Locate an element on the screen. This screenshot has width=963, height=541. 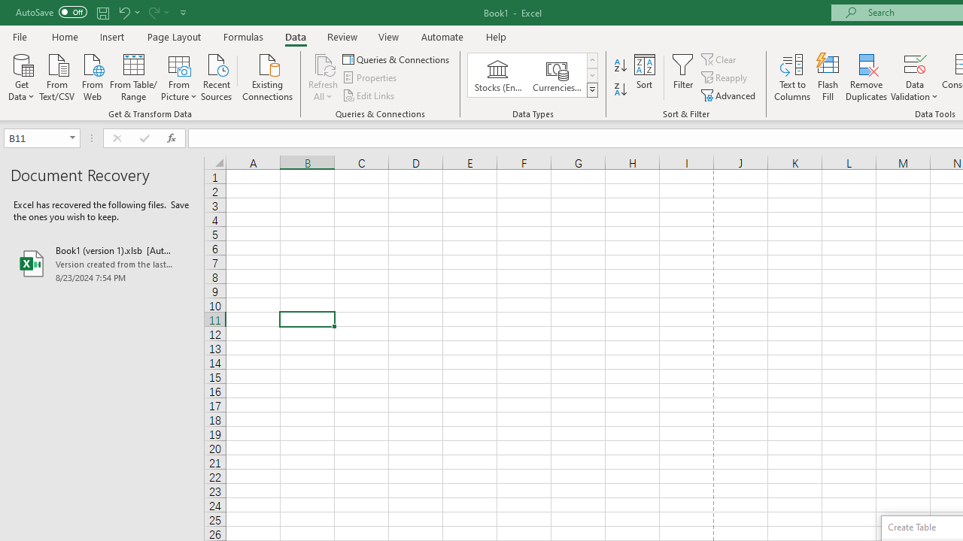
'Row Down' is located at coordinates (591, 75).